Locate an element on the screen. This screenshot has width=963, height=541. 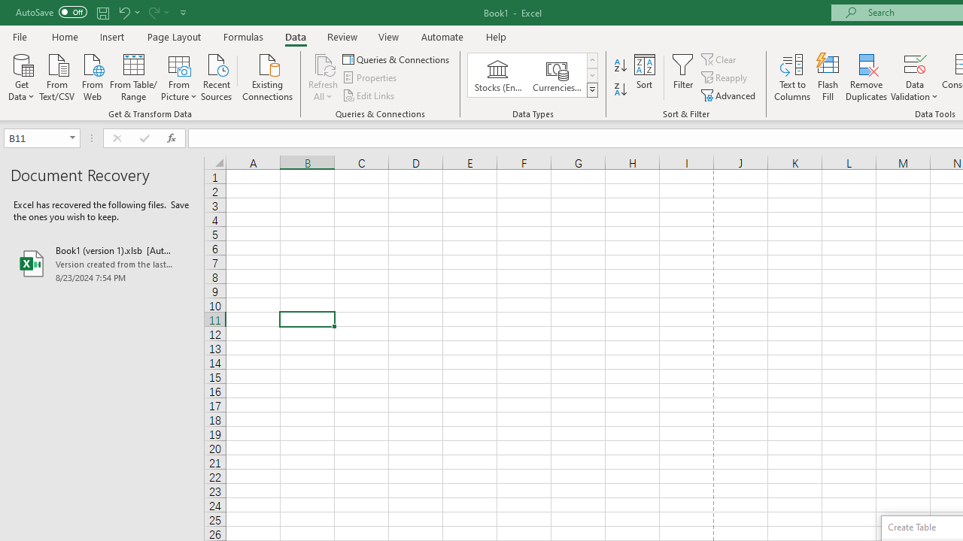
'Row Down' is located at coordinates (591, 75).